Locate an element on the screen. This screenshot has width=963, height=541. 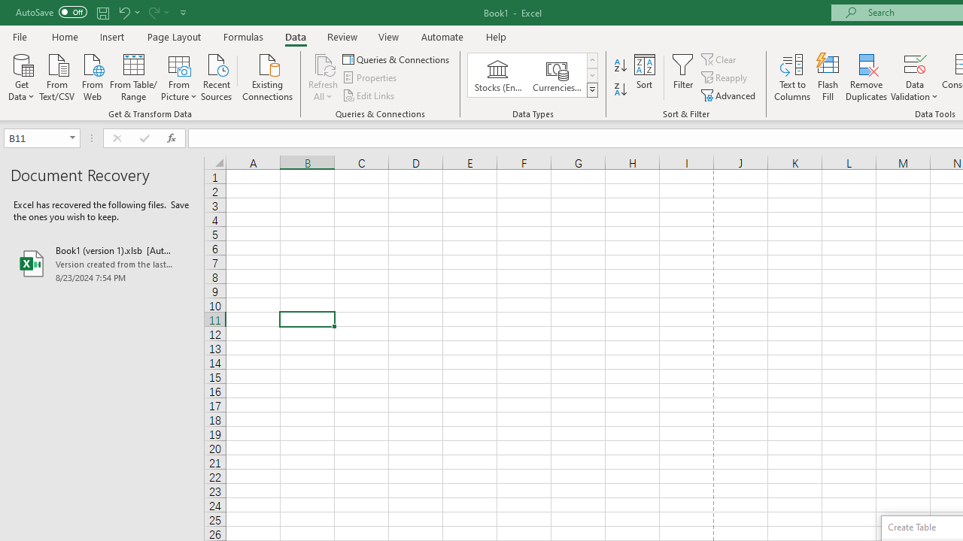
'Row Down' is located at coordinates (591, 75).